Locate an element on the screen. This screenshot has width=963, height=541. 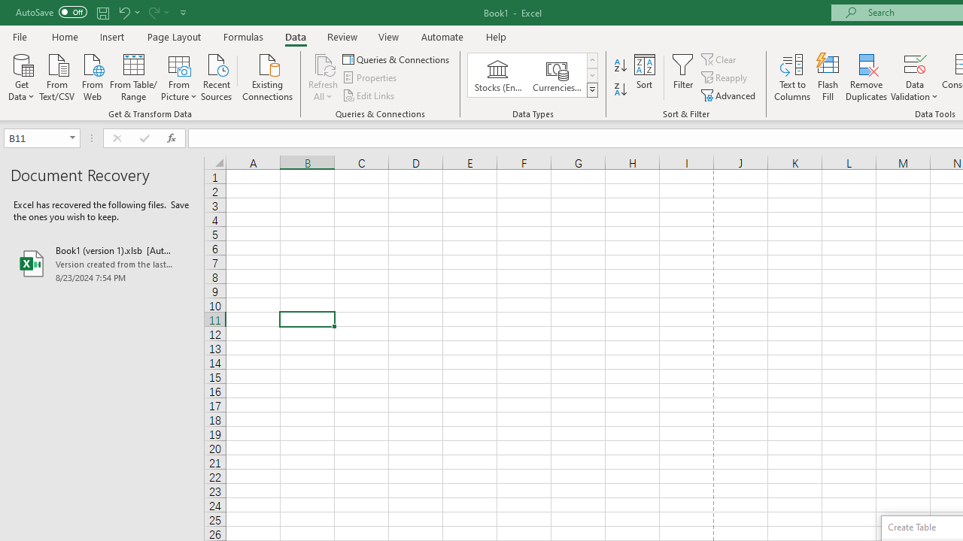
'Row Down' is located at coordinates (591, 75).